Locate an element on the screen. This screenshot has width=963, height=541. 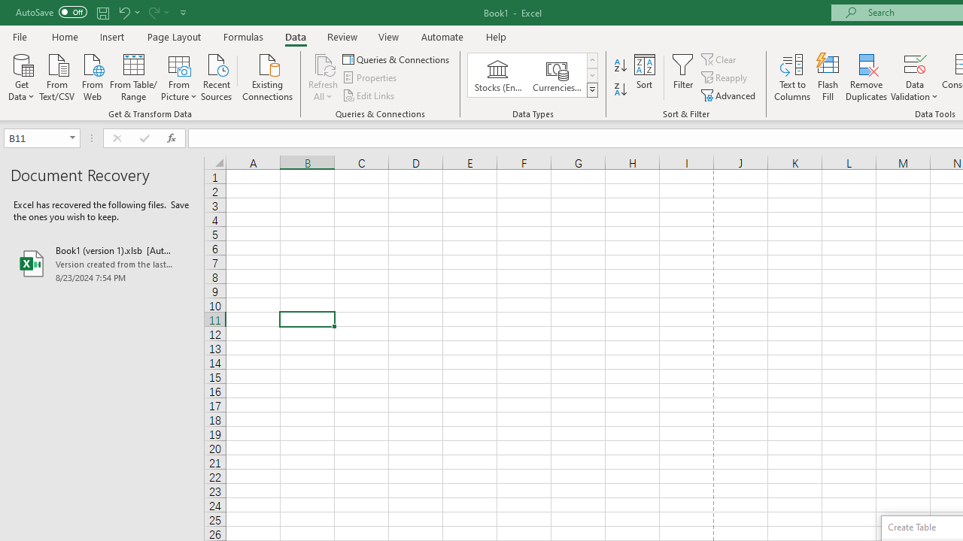
'Row Down' is located at coordinates (591, 75).